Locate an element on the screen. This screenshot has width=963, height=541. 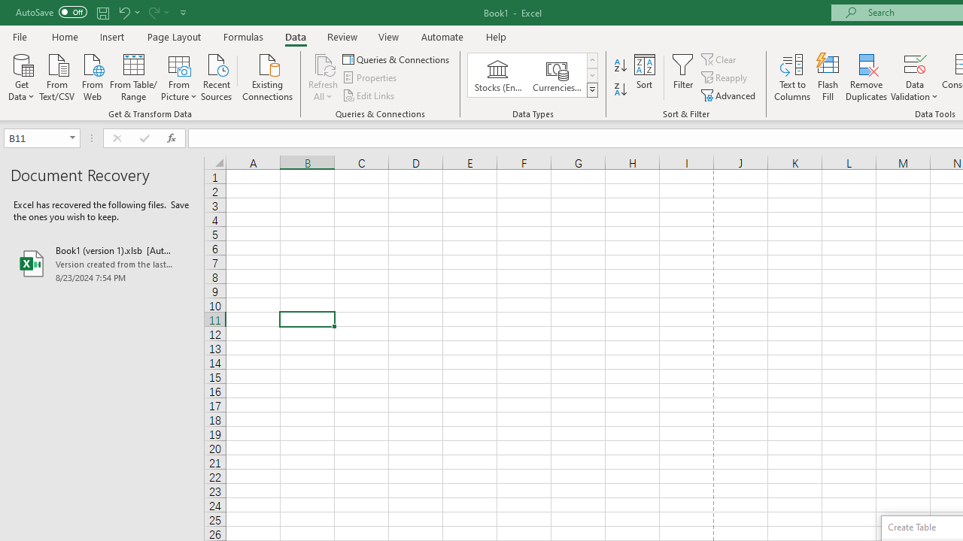
'Row Down' is located at coordinates (591, 75).